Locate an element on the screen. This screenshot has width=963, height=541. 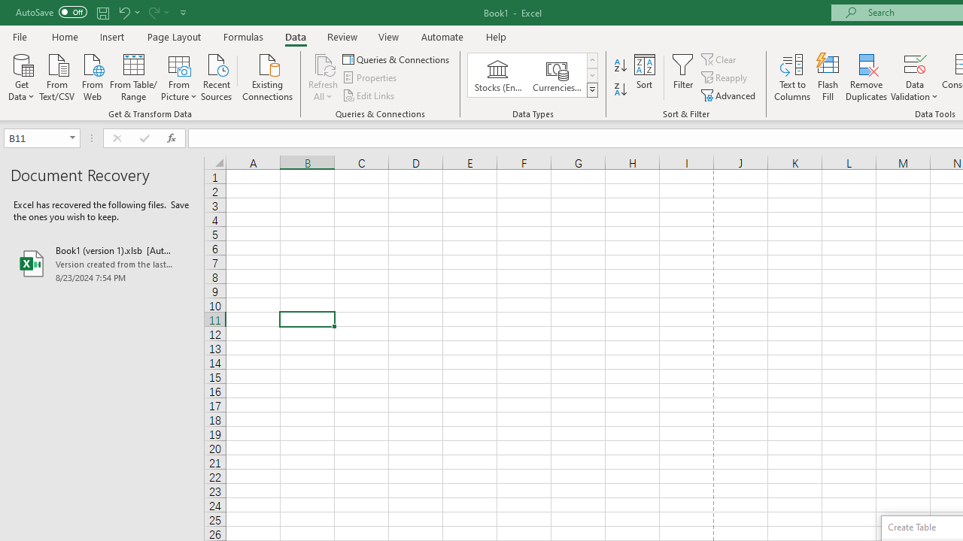
'Row Down' is located at coordinates (591, 75).